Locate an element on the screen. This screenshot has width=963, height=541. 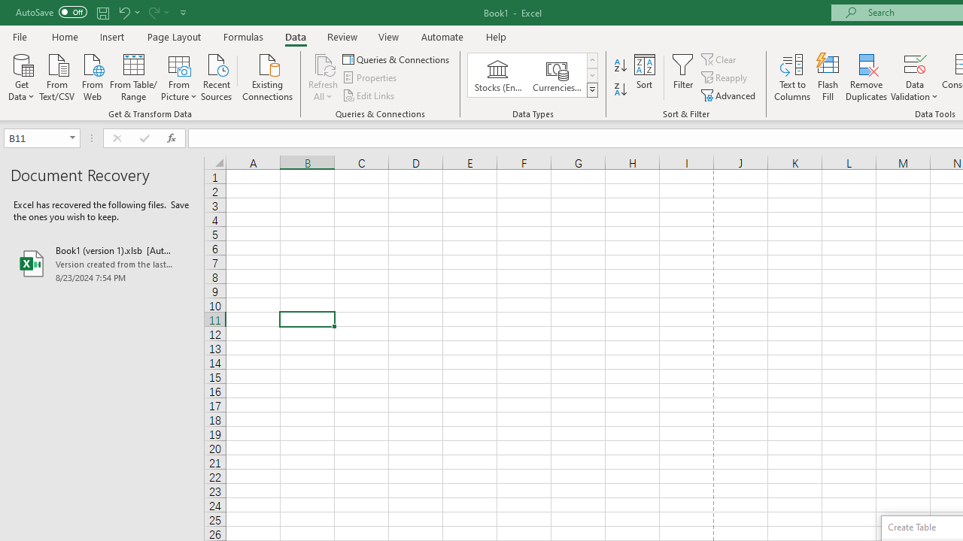
'Row Down' is located at coordinates (591, 75).